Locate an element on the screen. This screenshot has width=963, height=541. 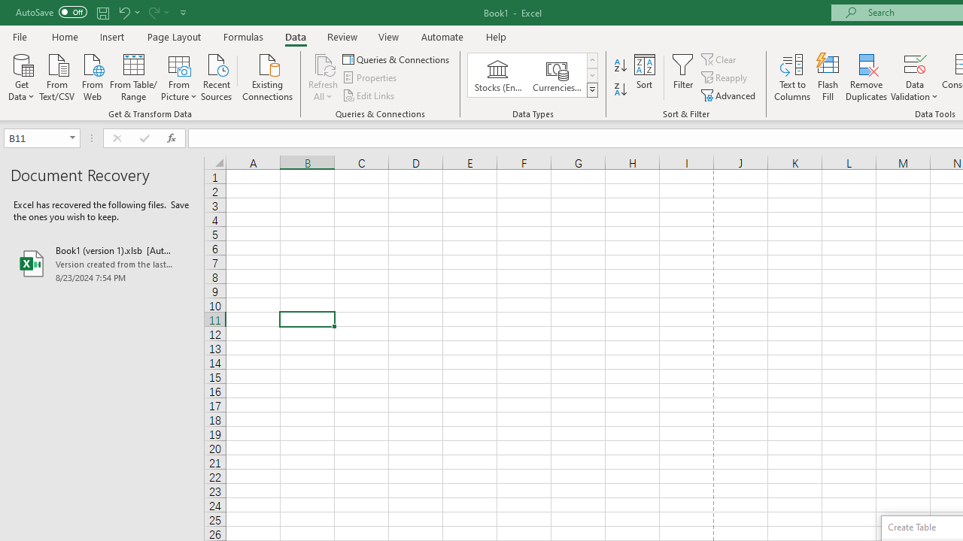
'Row Down' is located at coordinates (591, 75).